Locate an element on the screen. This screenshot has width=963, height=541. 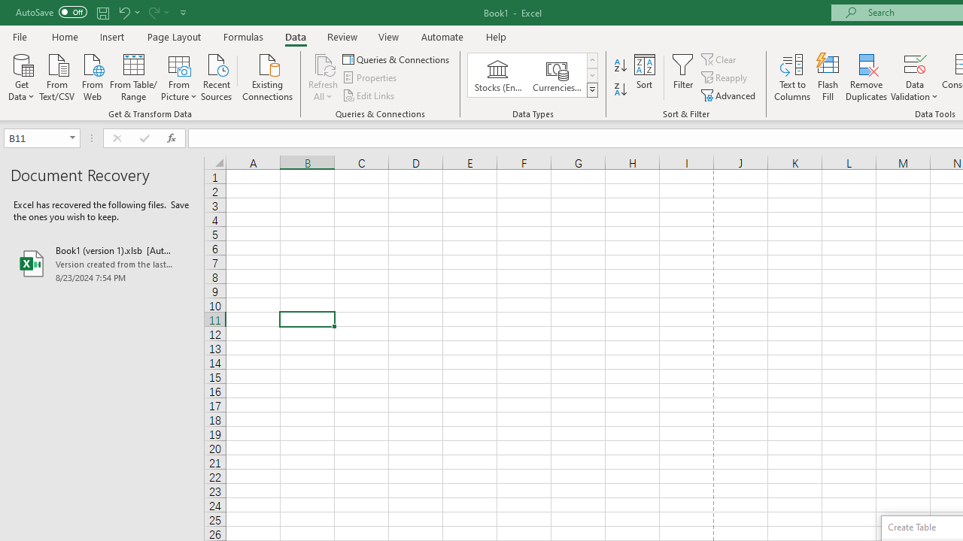
'Row Down' is located at coordinates (591, 75).